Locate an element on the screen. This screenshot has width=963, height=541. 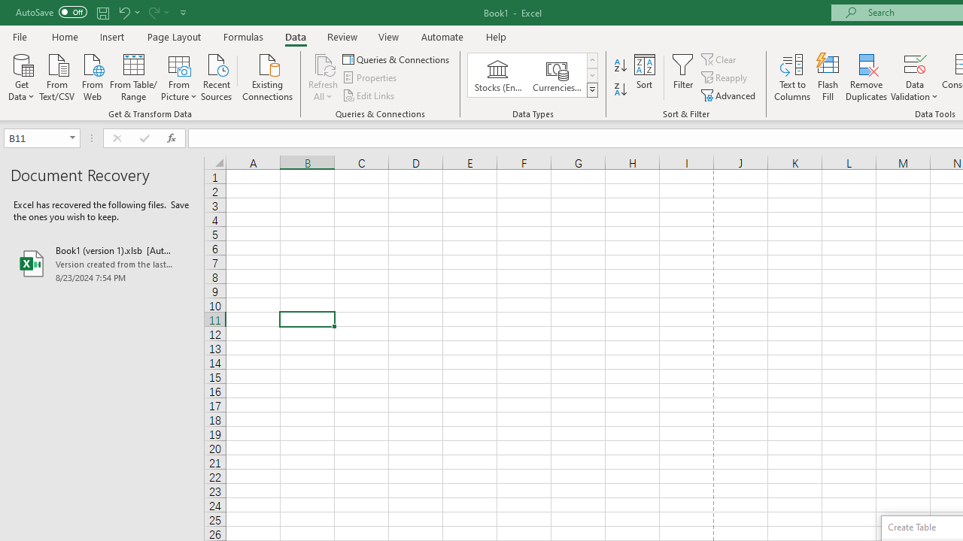
'Row Down' is located at coordinates (591, 75).